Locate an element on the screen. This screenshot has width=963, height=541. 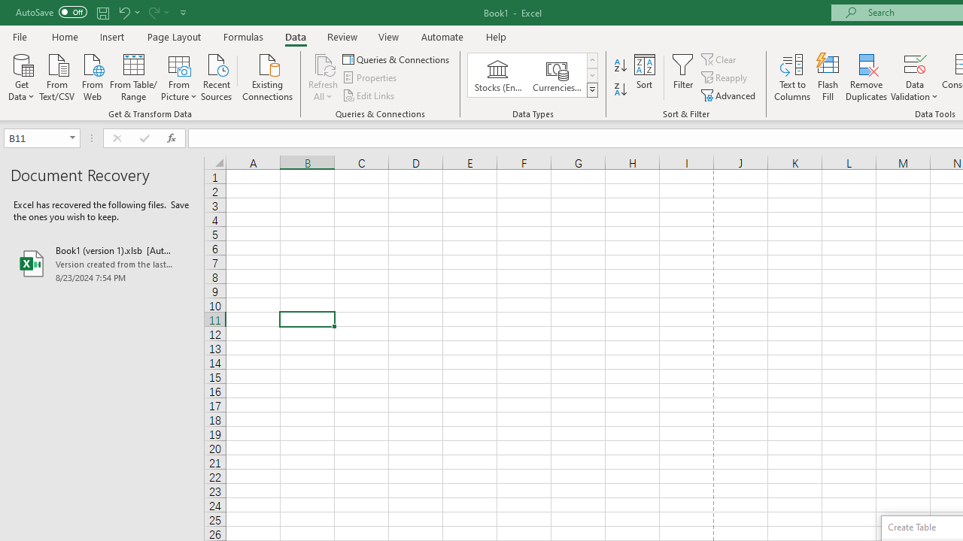
'Row Down' is located at coordinates (591, 75).